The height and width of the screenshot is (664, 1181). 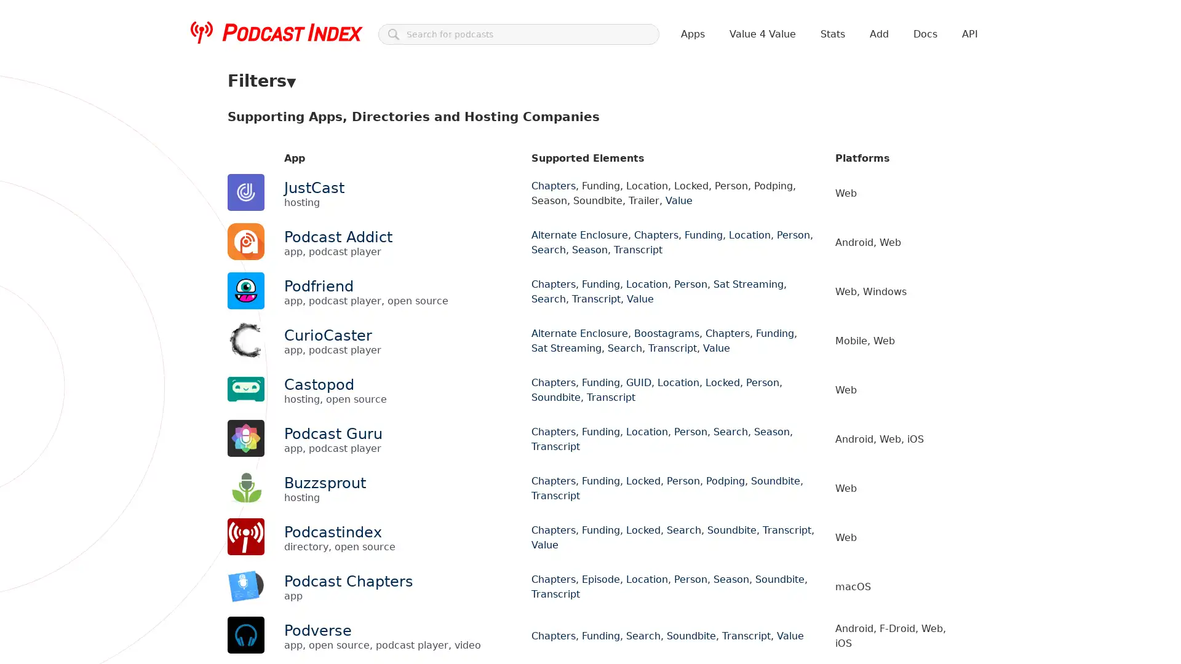 What do you see at coordinates (570, 119) in the screenshot?
I see `Node Hosting` at bounding box center [570, 119].